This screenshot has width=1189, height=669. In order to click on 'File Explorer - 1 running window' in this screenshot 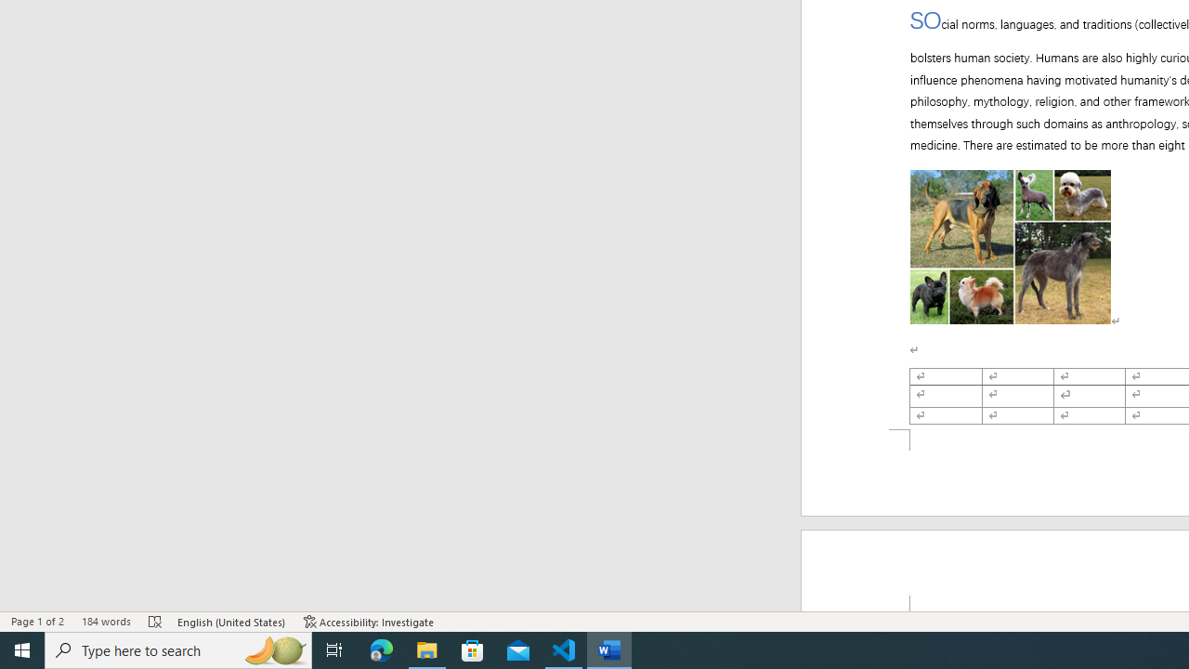, I will do `click(426, 649)`.